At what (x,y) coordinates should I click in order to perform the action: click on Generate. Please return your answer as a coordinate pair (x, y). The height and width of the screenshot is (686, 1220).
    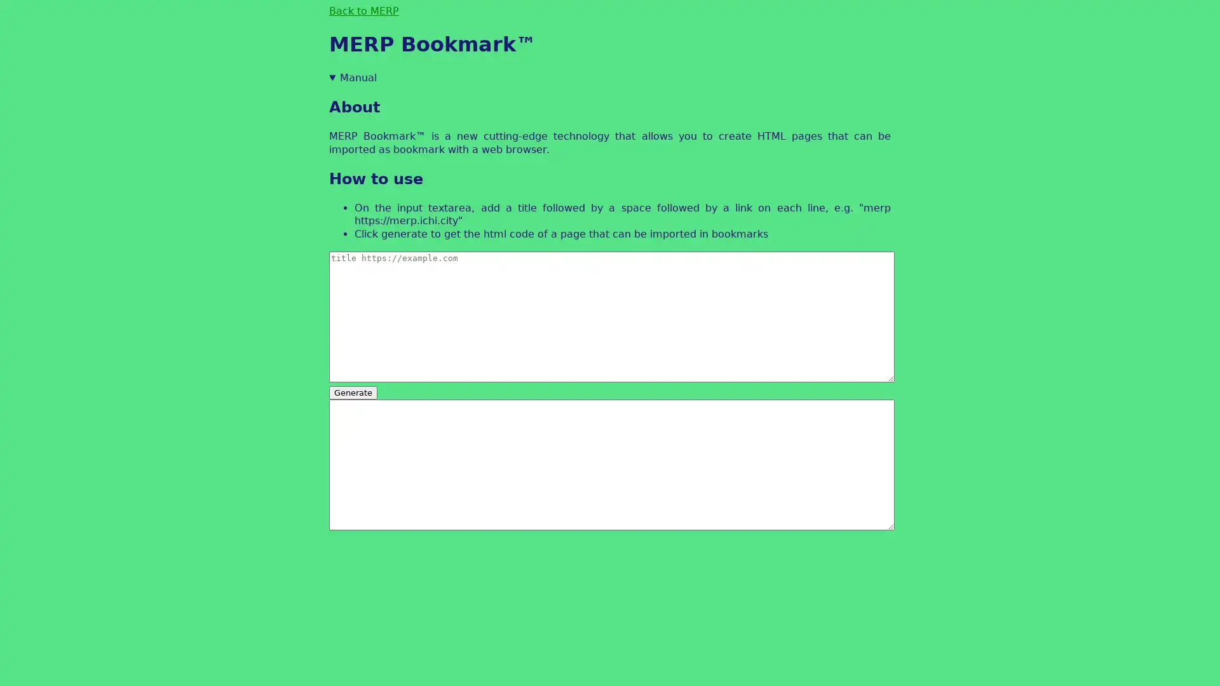
    Looking at the image, I should click on (353, 391).